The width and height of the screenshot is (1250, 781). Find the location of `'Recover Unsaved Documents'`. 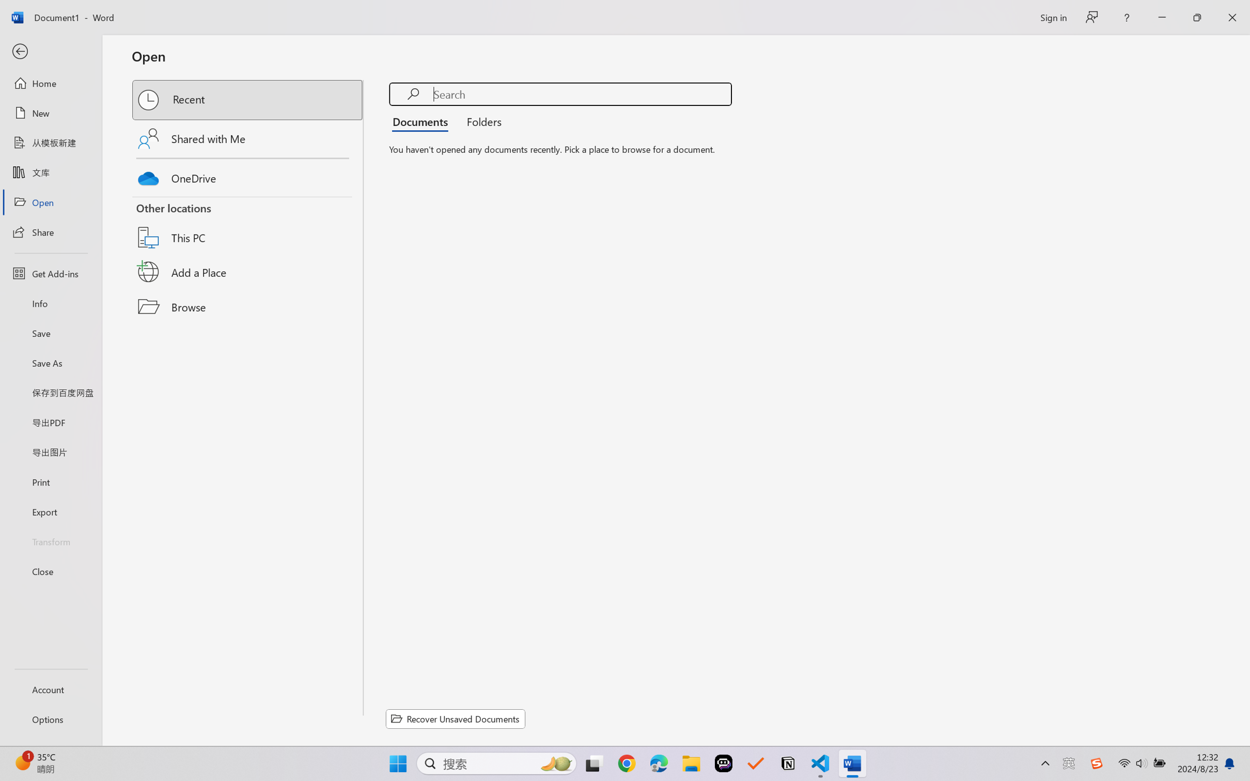

'Recover Unsaved Documents' is located at coordinates (456, 718).